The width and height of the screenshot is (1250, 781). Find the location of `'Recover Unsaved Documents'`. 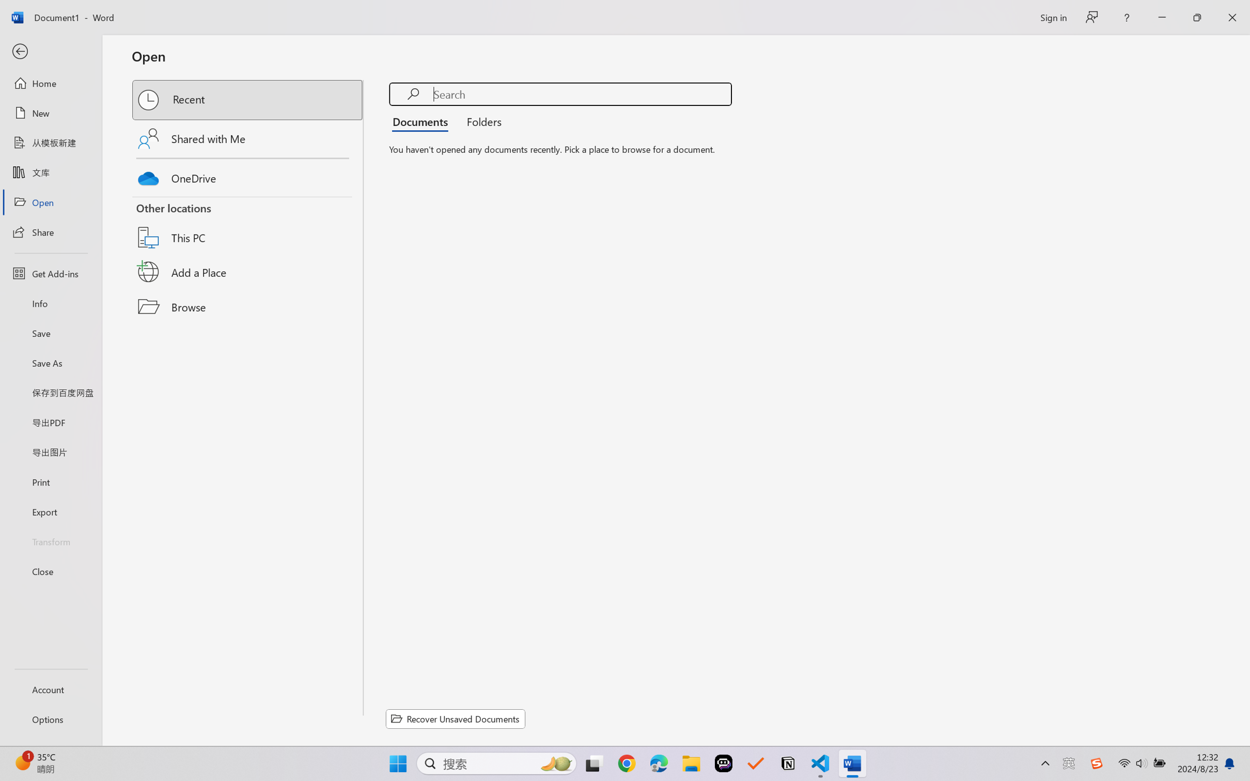

'Recover Unsaved Documents' is located at coordinates (456, 718).